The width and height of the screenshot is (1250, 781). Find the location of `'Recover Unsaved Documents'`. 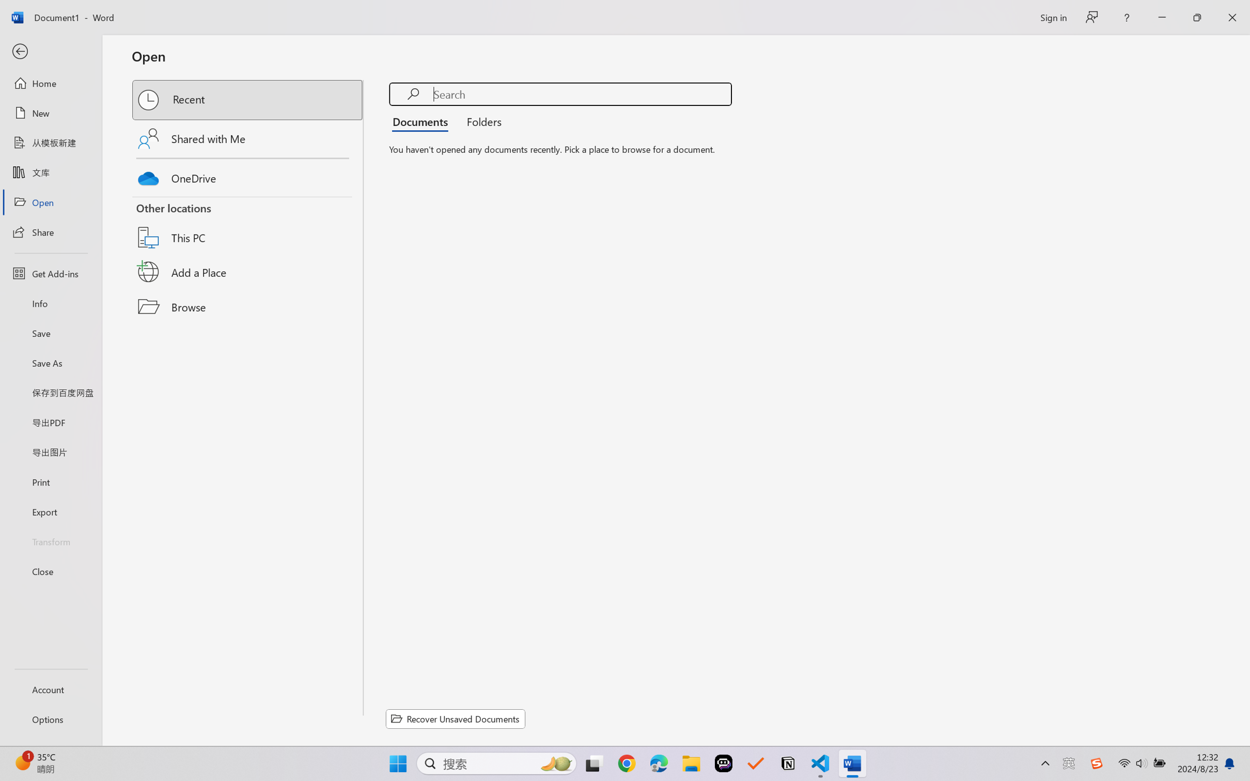

'Recover Unsaved Documents' is located at coordinates (456, 718).